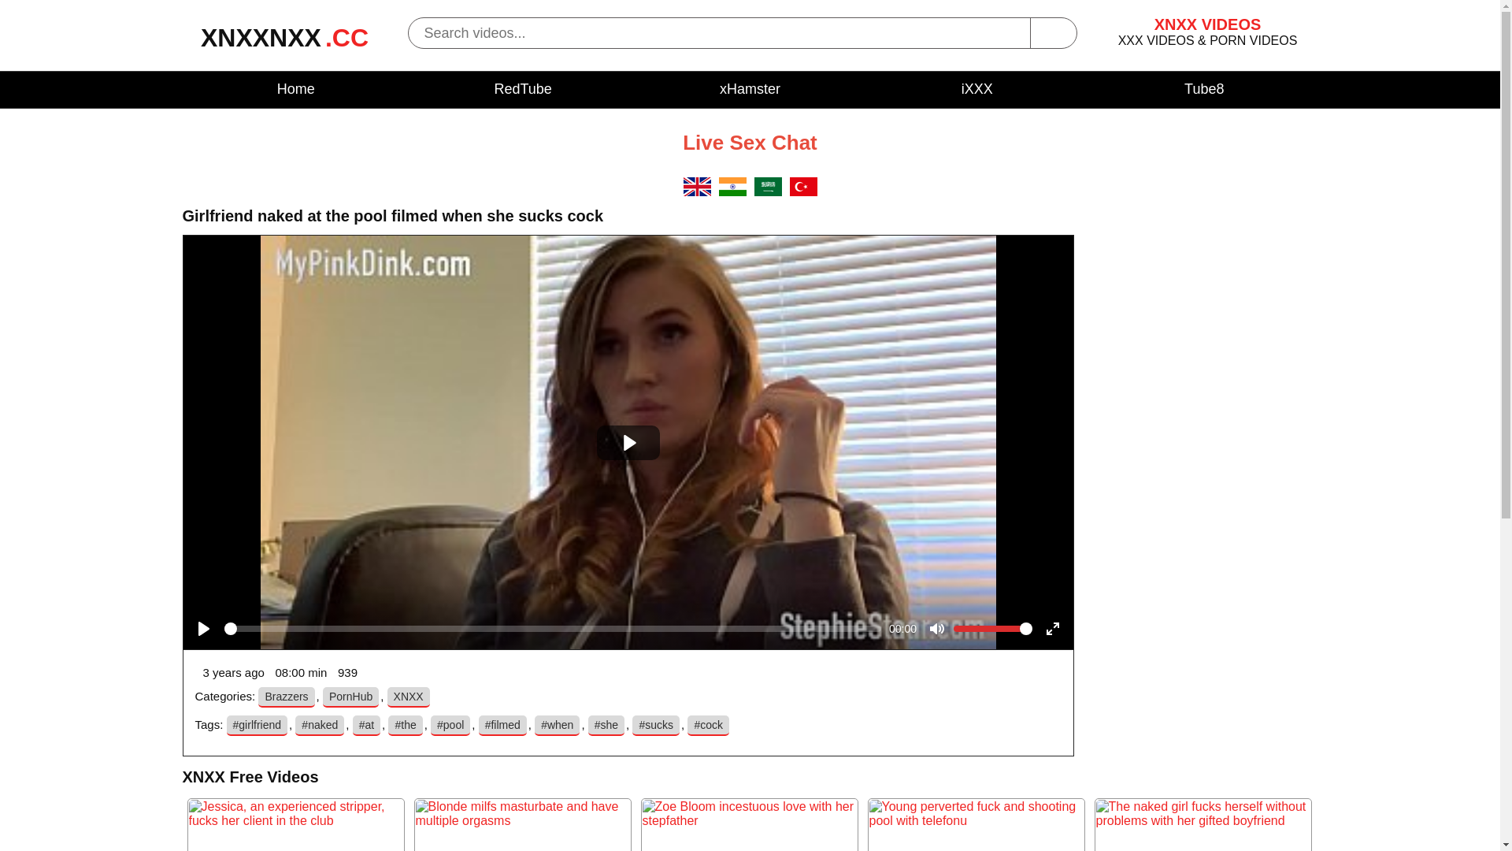  What do you see at coordinates (295, 726) in the screenshot?
I see `'#naked'` at bounding box center [295, 726].